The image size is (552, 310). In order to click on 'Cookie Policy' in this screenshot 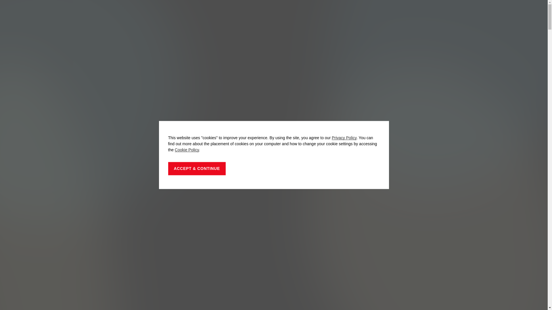, I will do `click(187, 149)`.